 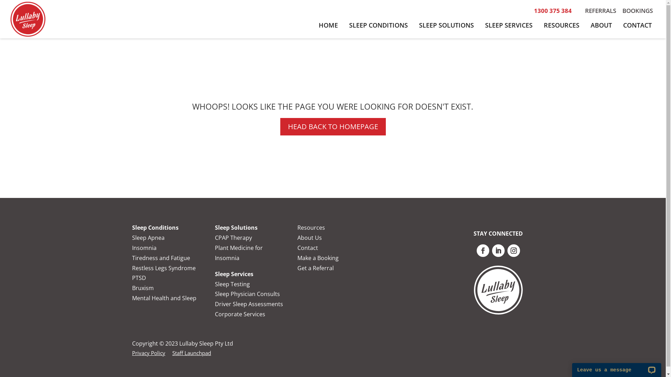 I want to click on 'Driver Sleep Assessments', so click(x=249, y=304).